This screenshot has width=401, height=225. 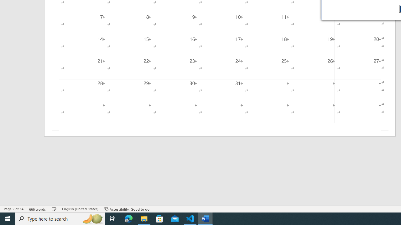 What do you see at coordinates (127, 209) in the screenshot?
I see `'Accessibility Checker Accessibility: Good to go'` at bounding box center [127, 209].